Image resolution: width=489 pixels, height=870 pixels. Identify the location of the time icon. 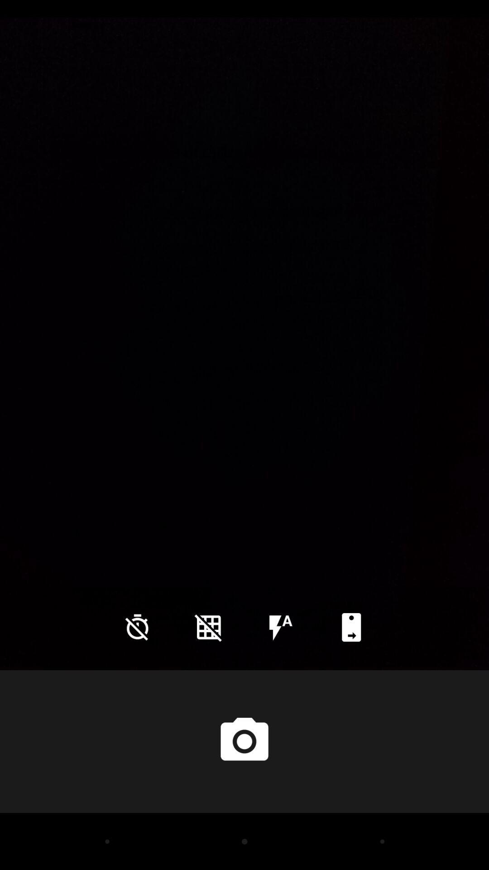
(137, 627).